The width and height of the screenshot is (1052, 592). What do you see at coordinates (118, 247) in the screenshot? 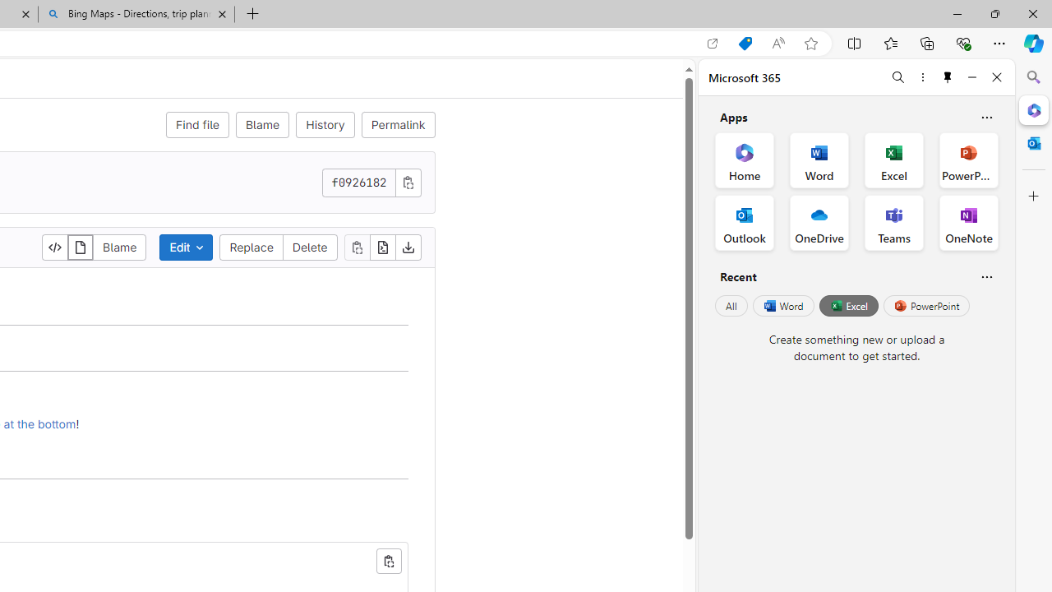
I see `'Blame'` at bounding box center [118, 247].